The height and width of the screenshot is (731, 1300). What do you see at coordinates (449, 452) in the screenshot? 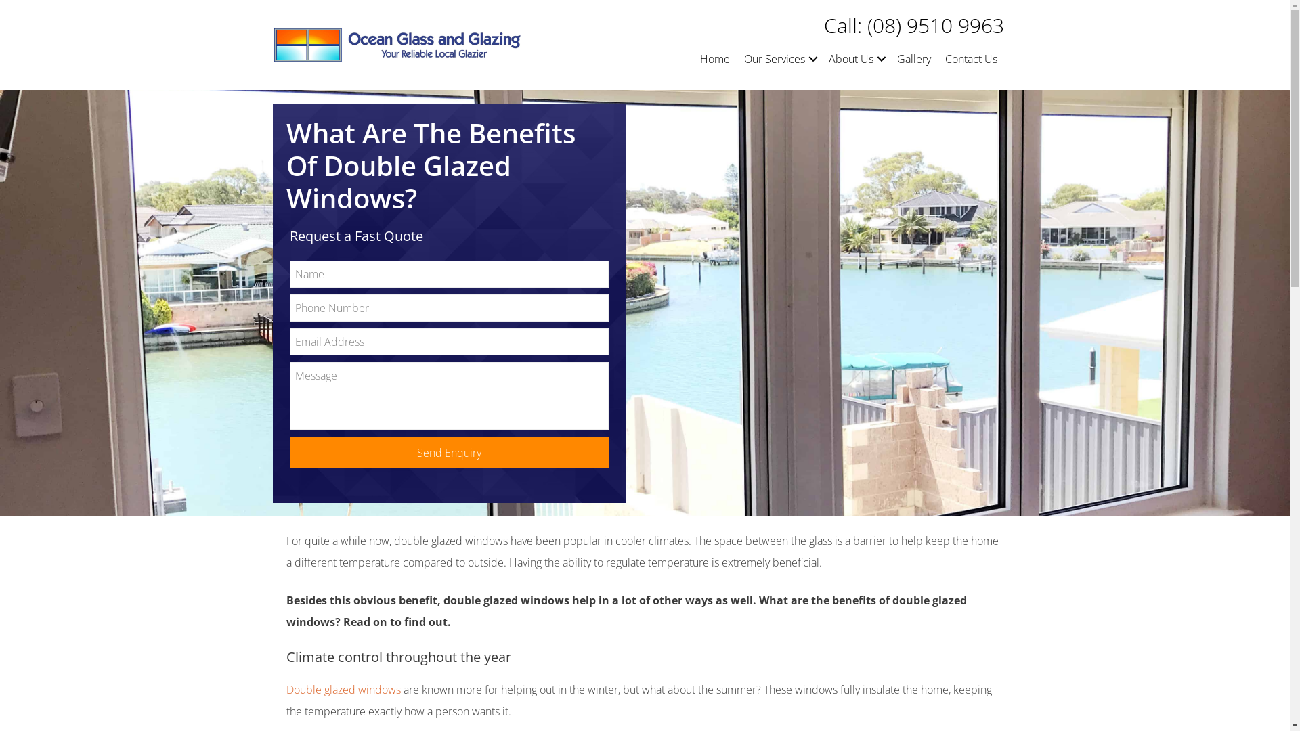
I see `'Send Enquiry'` at bounding box center [449, 452].